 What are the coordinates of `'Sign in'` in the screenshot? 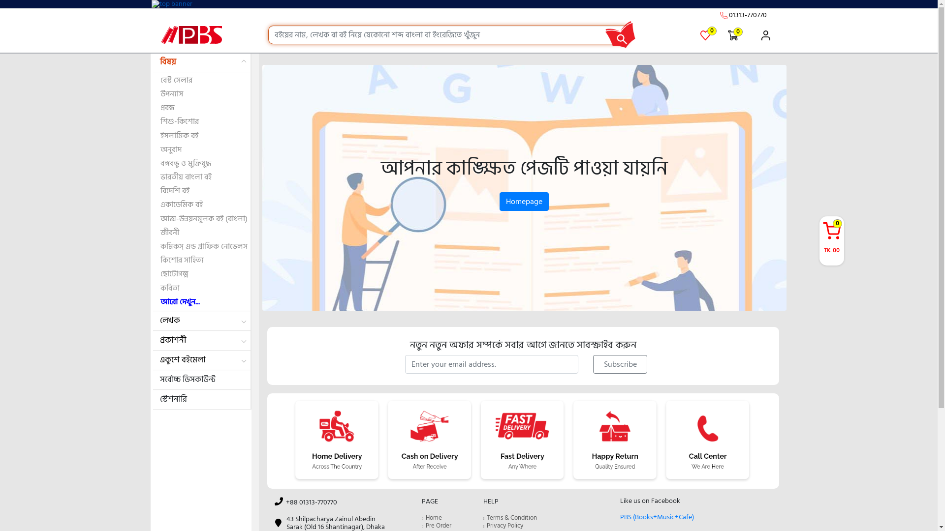 It's located at (761, 34).